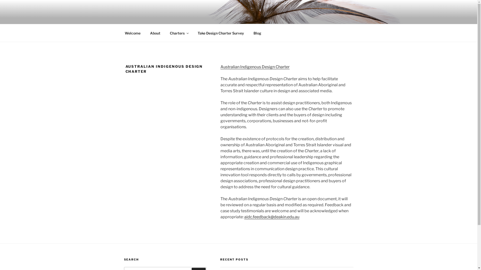 The image size is (481, 270). I want to click on 'About', so click(155, 33).